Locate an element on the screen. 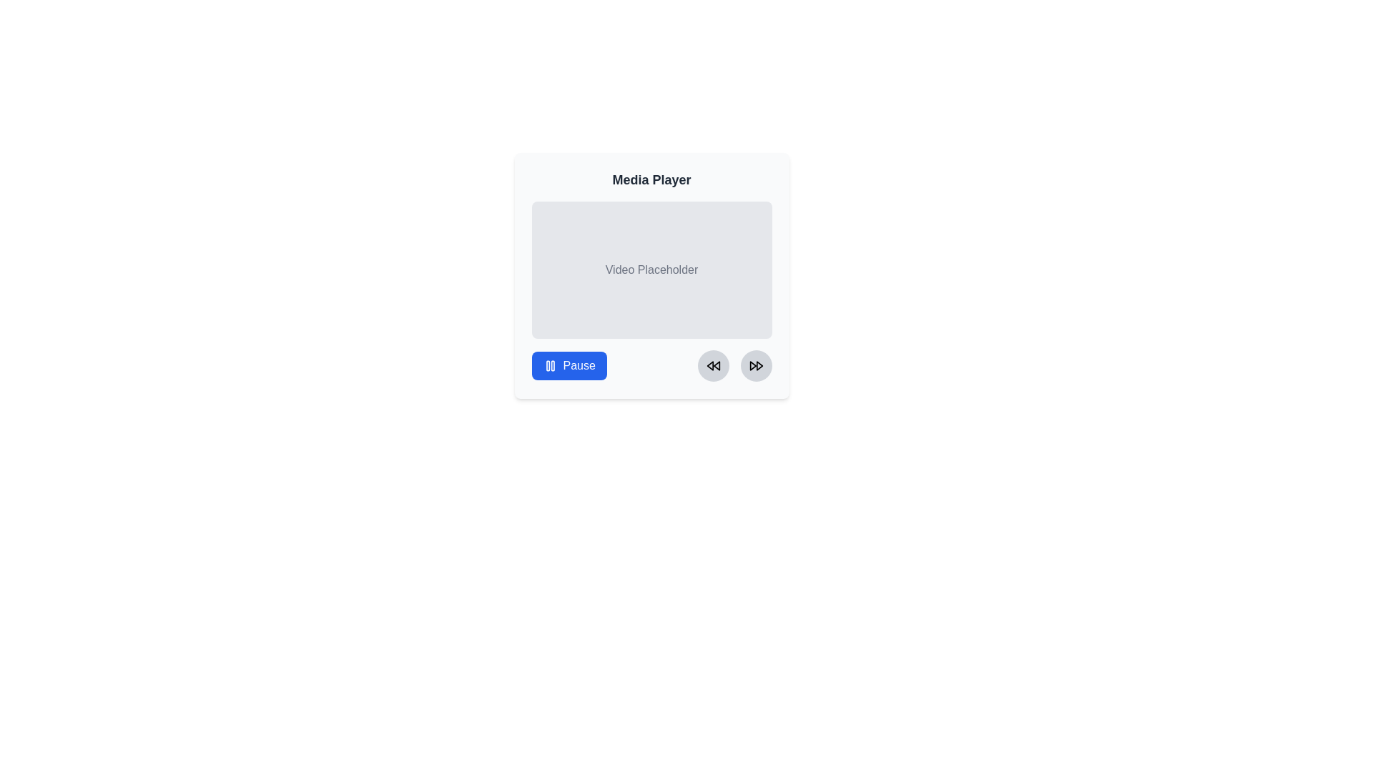 The width and height of the screenshot is (1373, 772). the rewind button located in the bottom center of the media player interface, positioned between the pause button and a double-arrow button pointing right is located at coordinates (713, 365).